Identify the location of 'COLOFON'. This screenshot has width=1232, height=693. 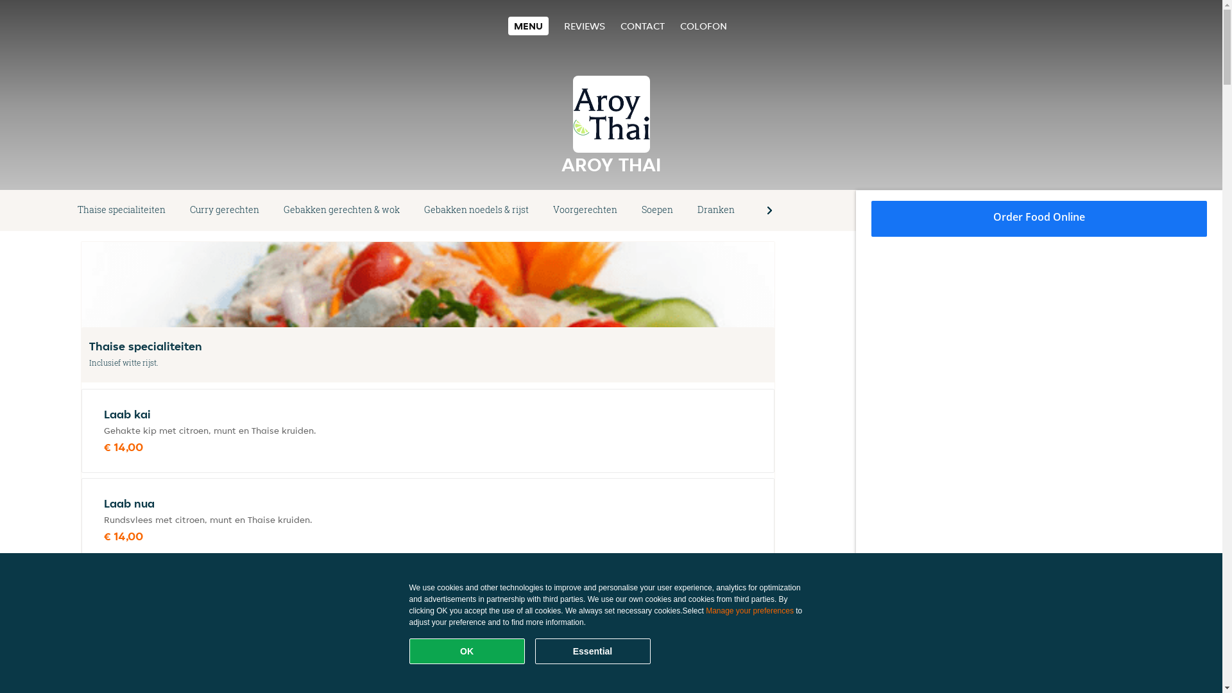
(703, 26).